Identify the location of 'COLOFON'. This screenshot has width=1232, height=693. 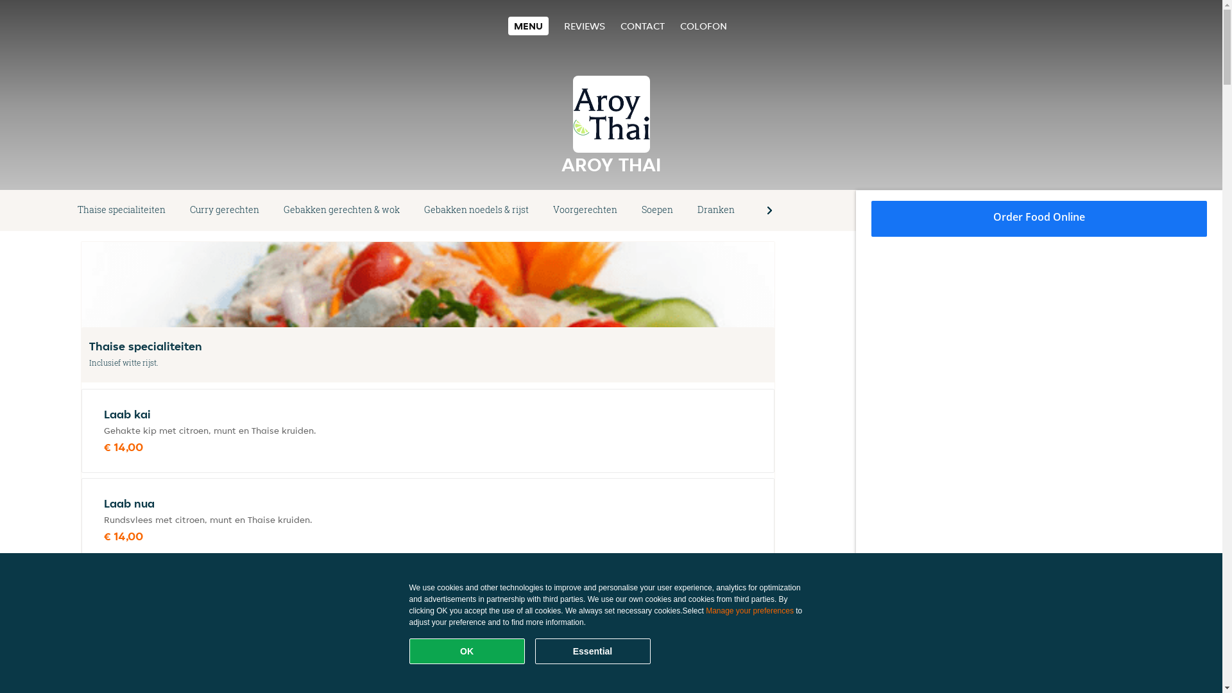
(703, 26).